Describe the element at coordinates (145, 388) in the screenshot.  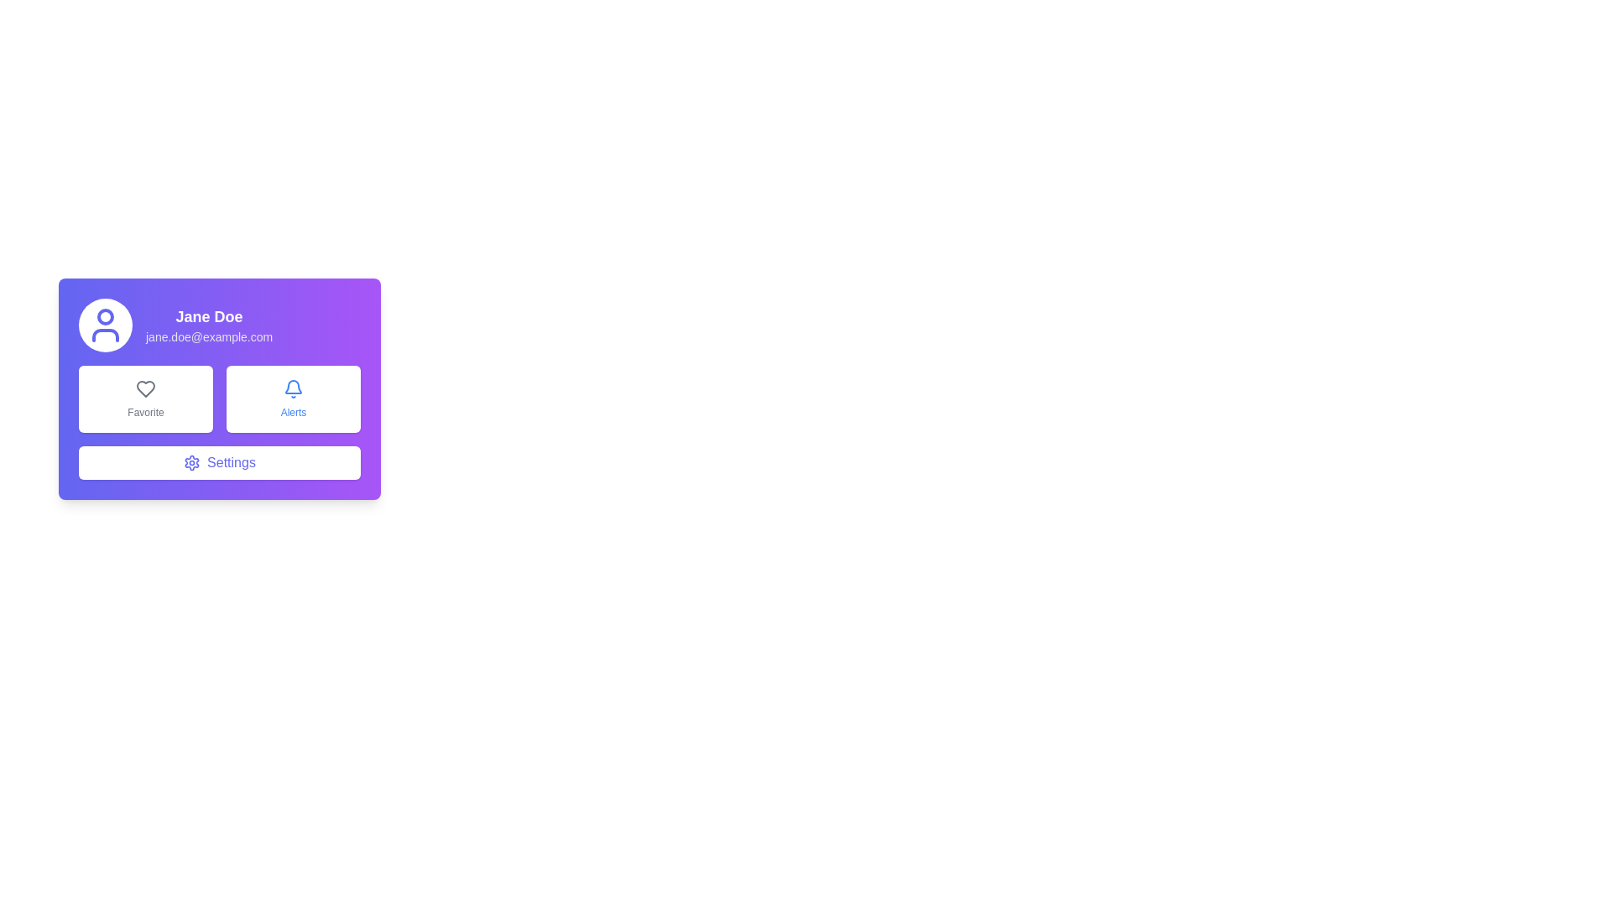
I see `the heart icon located above the 'Favorite' label to favorite or unfavorite an item` at that location.